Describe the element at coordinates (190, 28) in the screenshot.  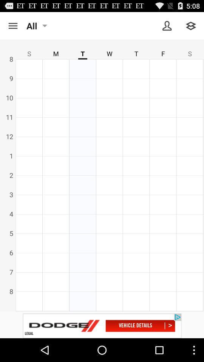
I see `the layers icon` at that location.